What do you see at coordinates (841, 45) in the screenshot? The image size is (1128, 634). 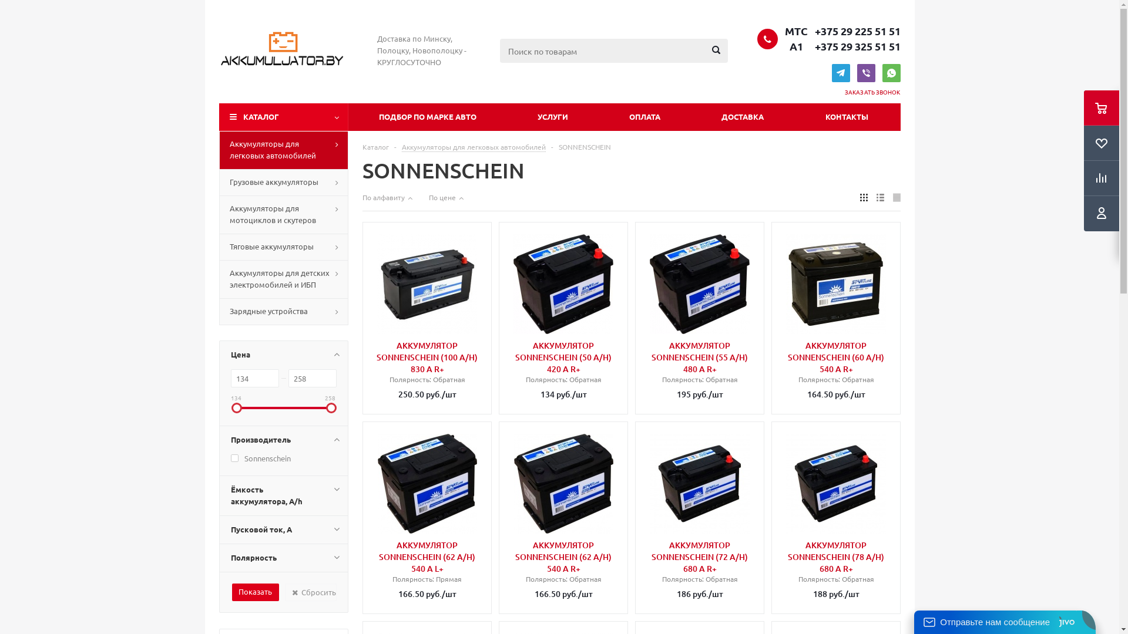 I see `'  A1     +375 29 325 51 51'` at bounding box center [841, 45].